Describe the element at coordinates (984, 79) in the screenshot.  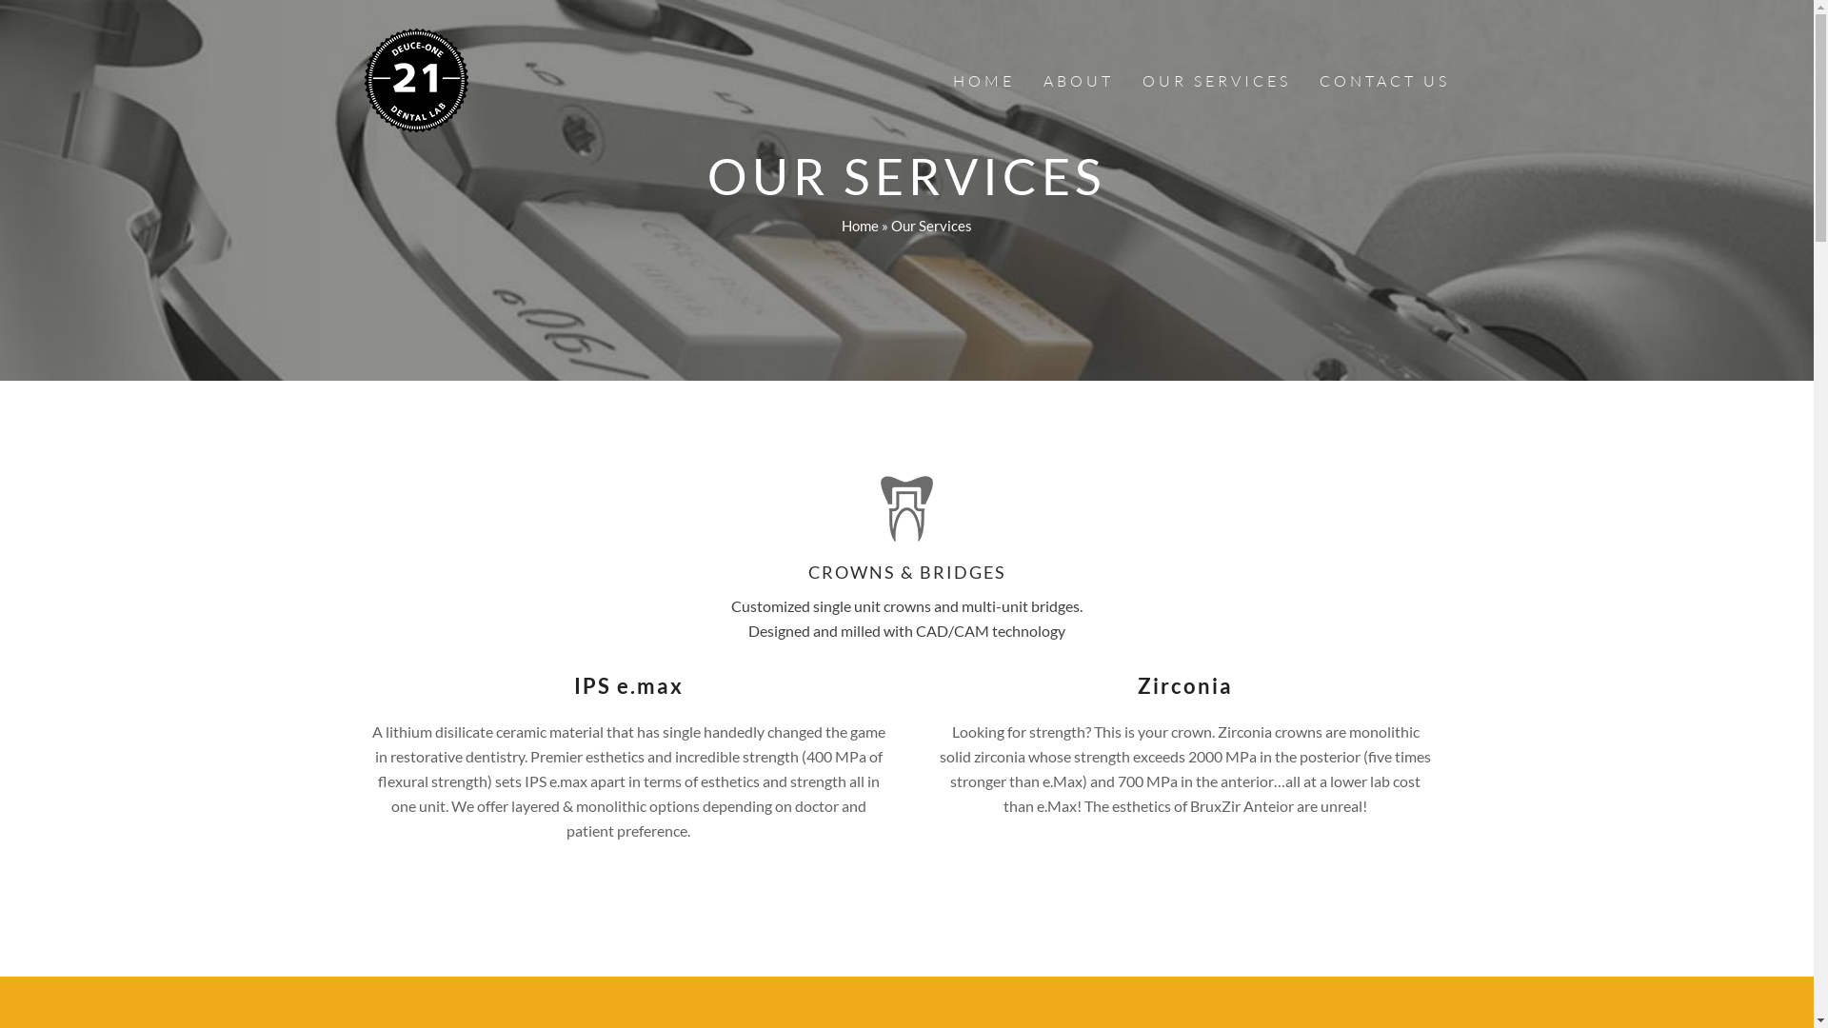
I see `'HOME'` at that location.